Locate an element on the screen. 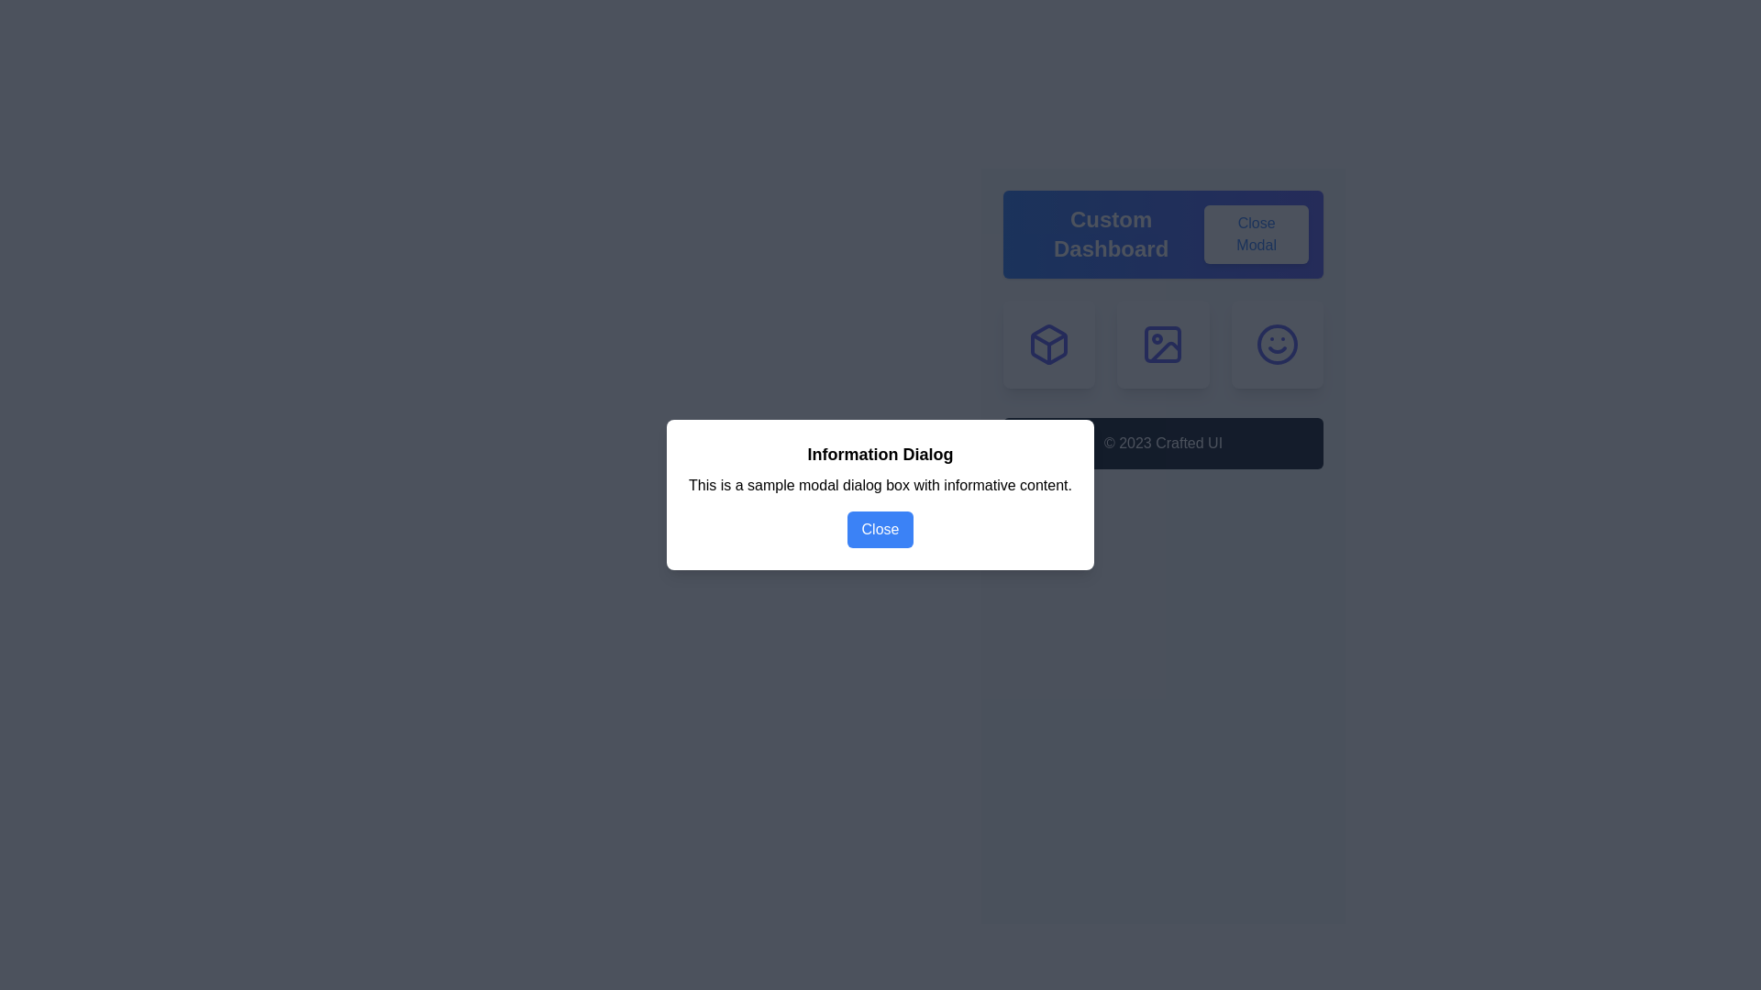  the smiley face icon, which is the third item in a horizontal grid layout under the 'Custom Dashboard' header is located at coordinates (1276, 344).